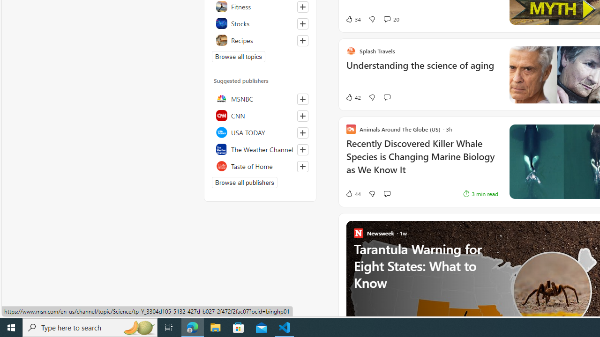 The width and height of the screenshot is (600, 337). I want to click on 'Follow this source', so click(302, 166).